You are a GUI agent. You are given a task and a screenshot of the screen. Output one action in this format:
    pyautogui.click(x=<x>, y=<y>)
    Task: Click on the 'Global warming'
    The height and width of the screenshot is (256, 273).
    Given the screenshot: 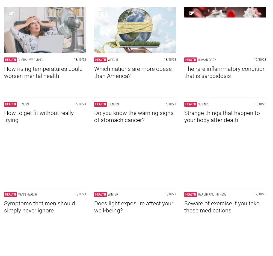 What is the action you would take?
    pyautogui.click(x=30, y=59)
    